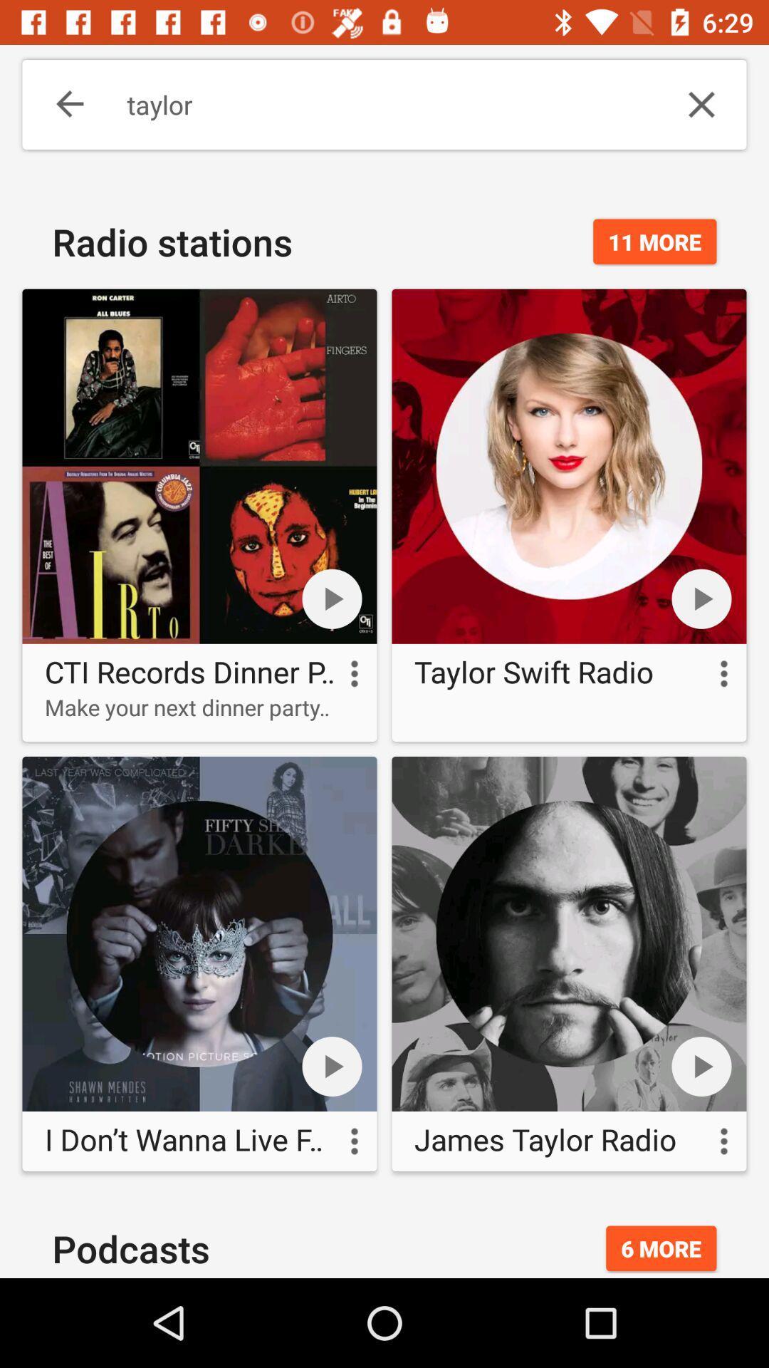 The image size is (769, 1368). What do you see at coordinates (661, 1248) in the screenshot?
I see `the 6 more icon` at bounding box center [661, 1248].